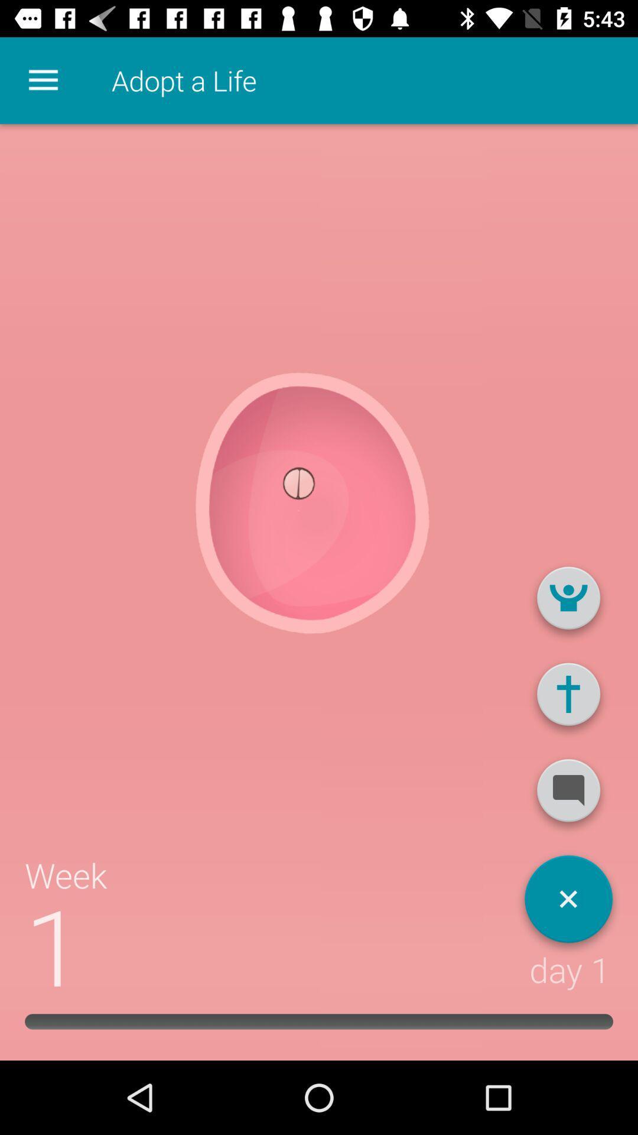  I want to click on chat button, so click(568, 795).